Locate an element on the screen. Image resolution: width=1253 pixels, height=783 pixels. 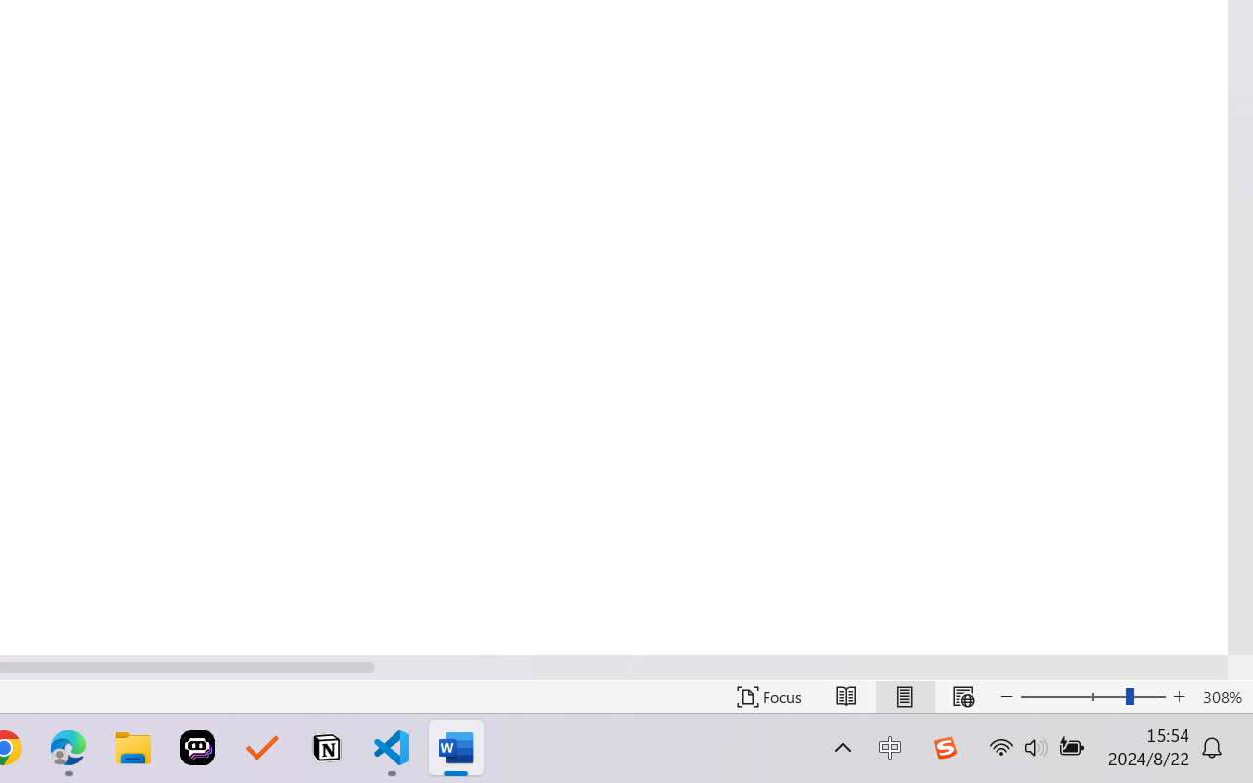
'Zoom Out' is located at coordinates (1071, 696).